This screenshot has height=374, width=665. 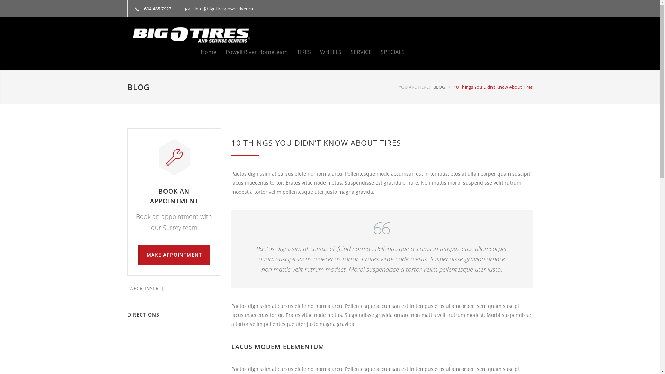 What do you see at coordinates (326, 52) in the screenshot?
I see `'WHEELS'` at bounding box center [326, 52].